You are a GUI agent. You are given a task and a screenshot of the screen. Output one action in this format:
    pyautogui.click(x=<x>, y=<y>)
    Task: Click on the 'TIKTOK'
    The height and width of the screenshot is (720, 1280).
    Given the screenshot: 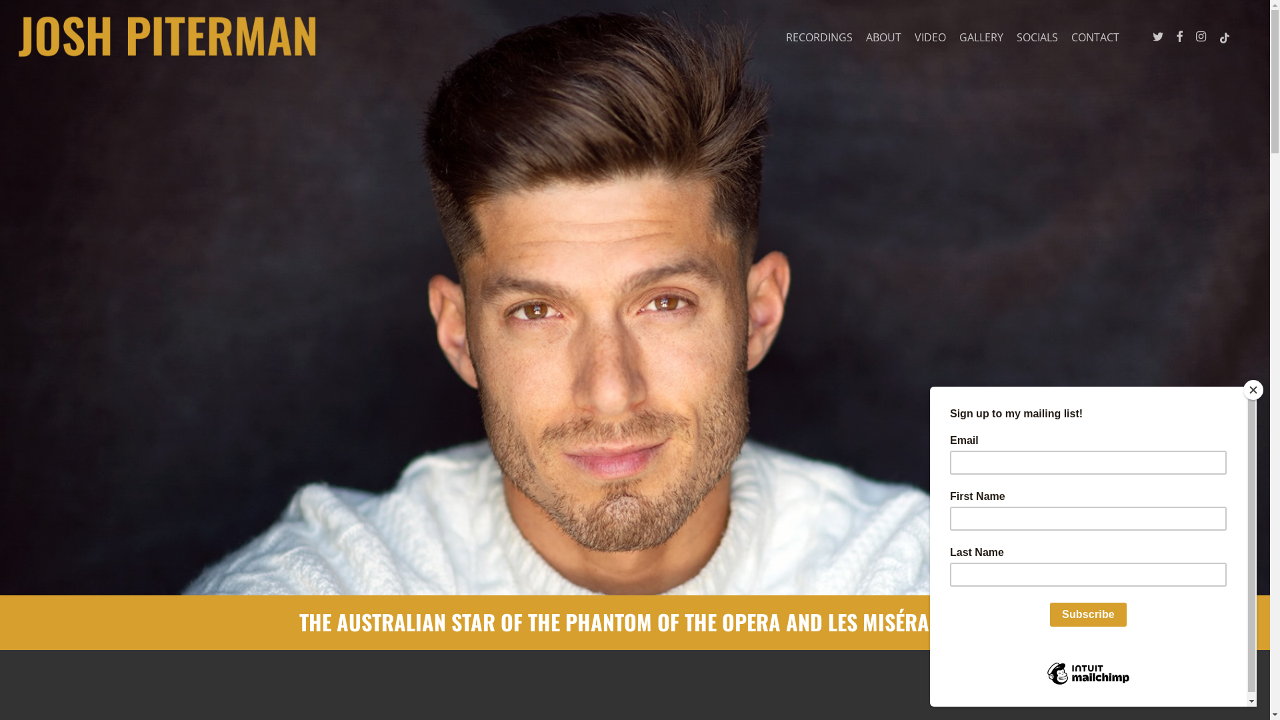 What is the action you would take?
    pyautogui.click(x=1225, y=35)
    